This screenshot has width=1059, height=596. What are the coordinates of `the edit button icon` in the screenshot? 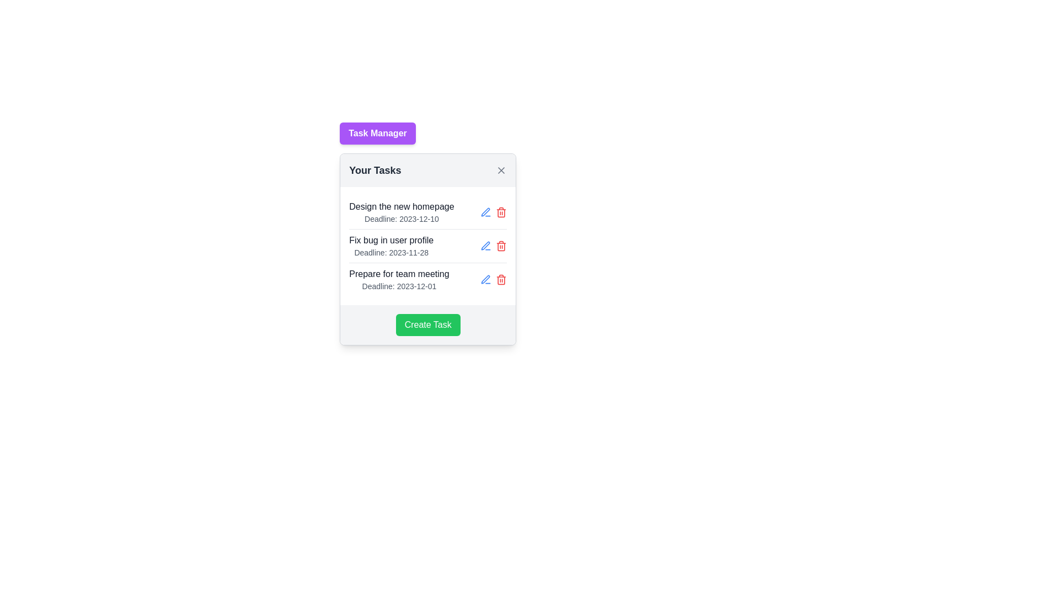 It's located at (485, 279).